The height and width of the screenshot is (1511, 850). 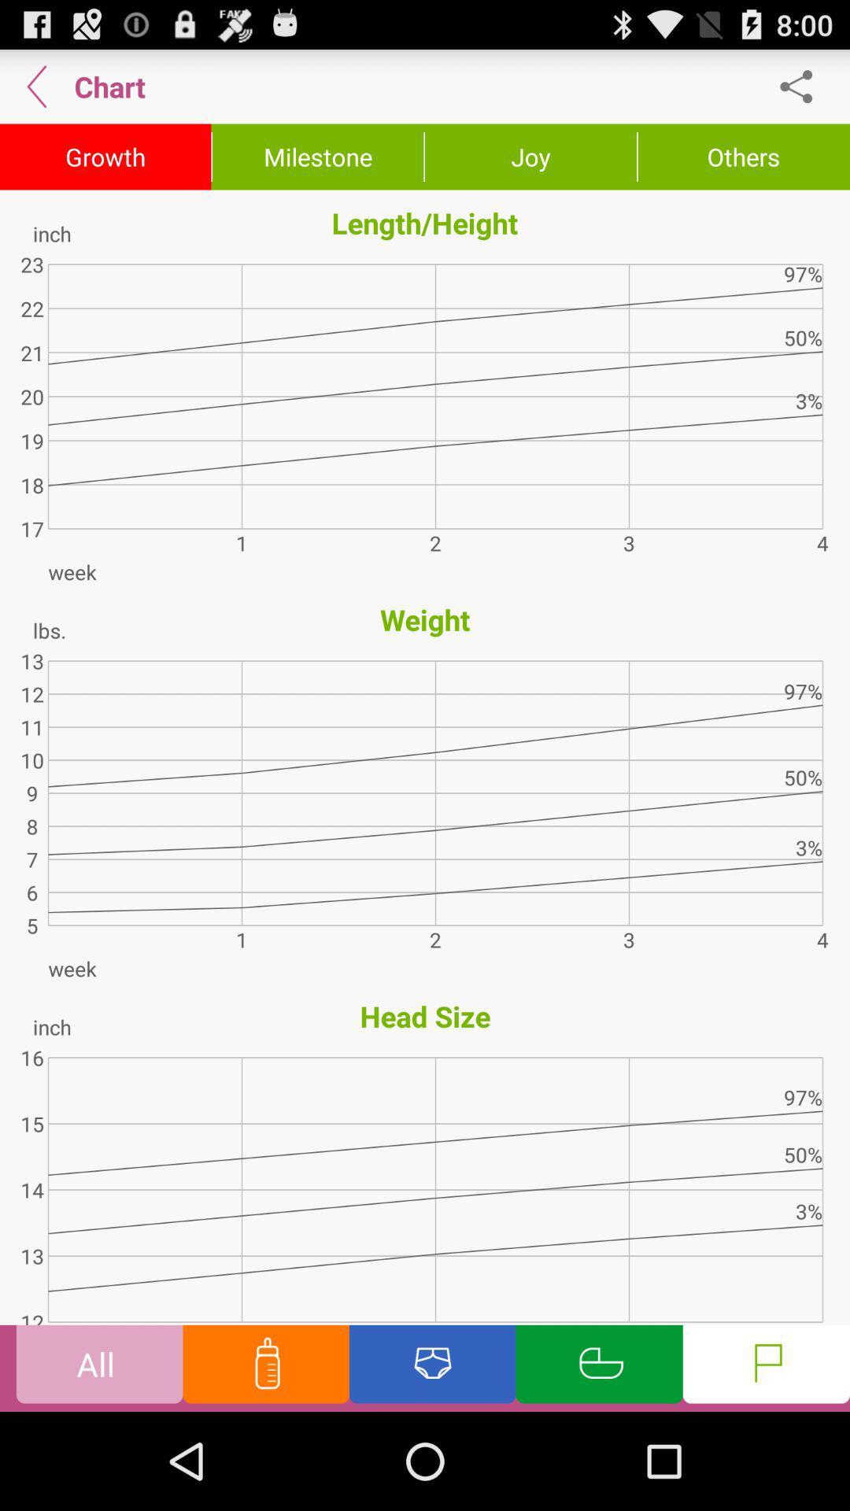 I want to click on milestone, so click(x=318, y=157).